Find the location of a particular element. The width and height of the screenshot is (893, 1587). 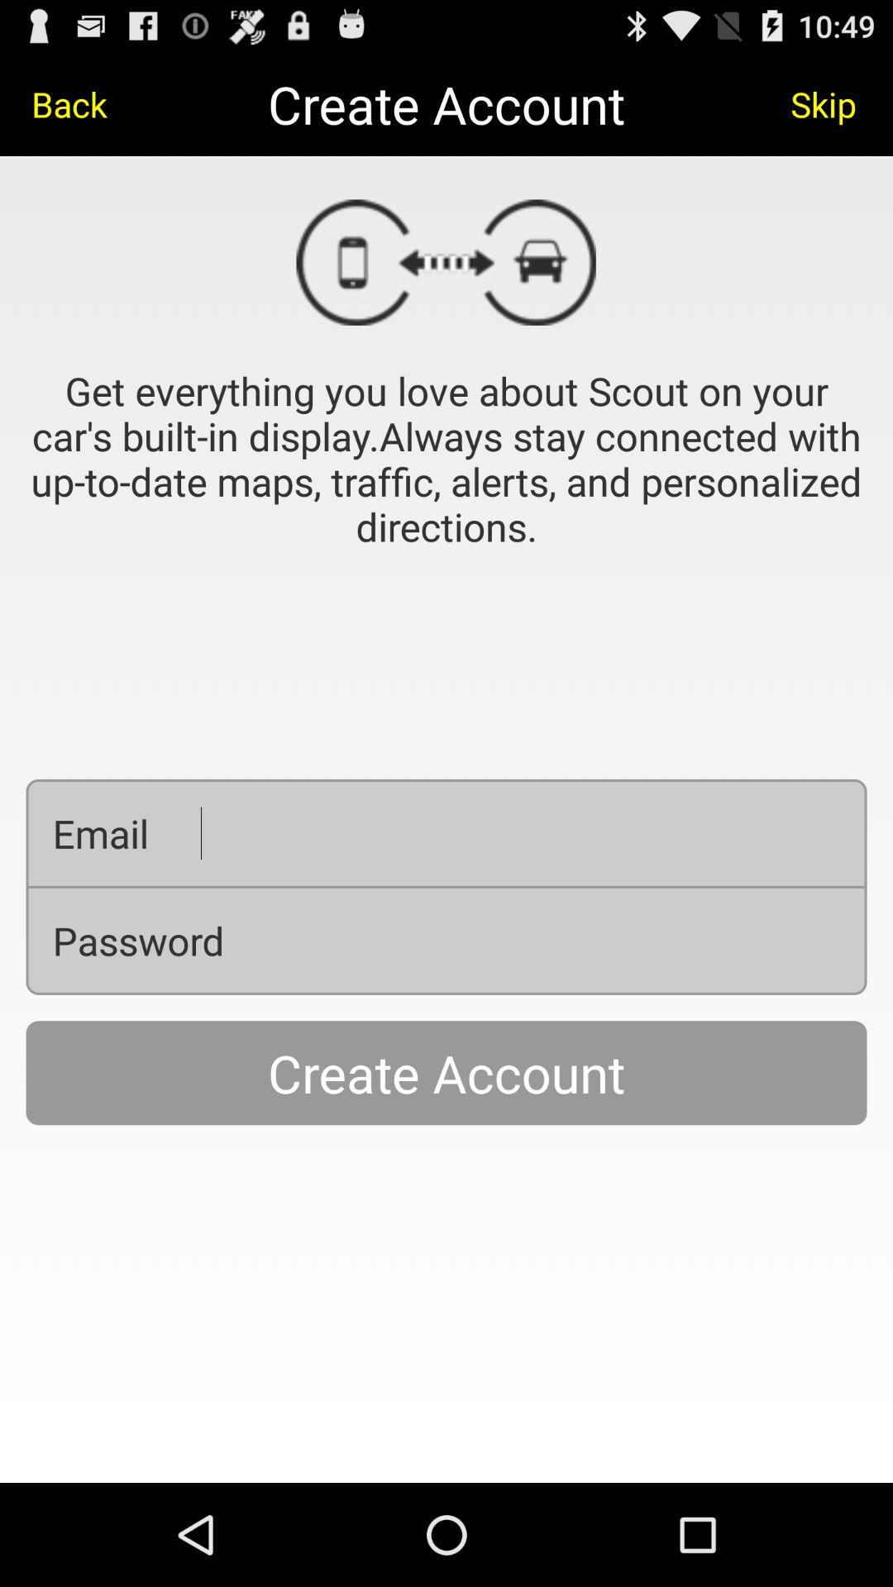

it is used to create an email account is located at coordinates (519, 833).